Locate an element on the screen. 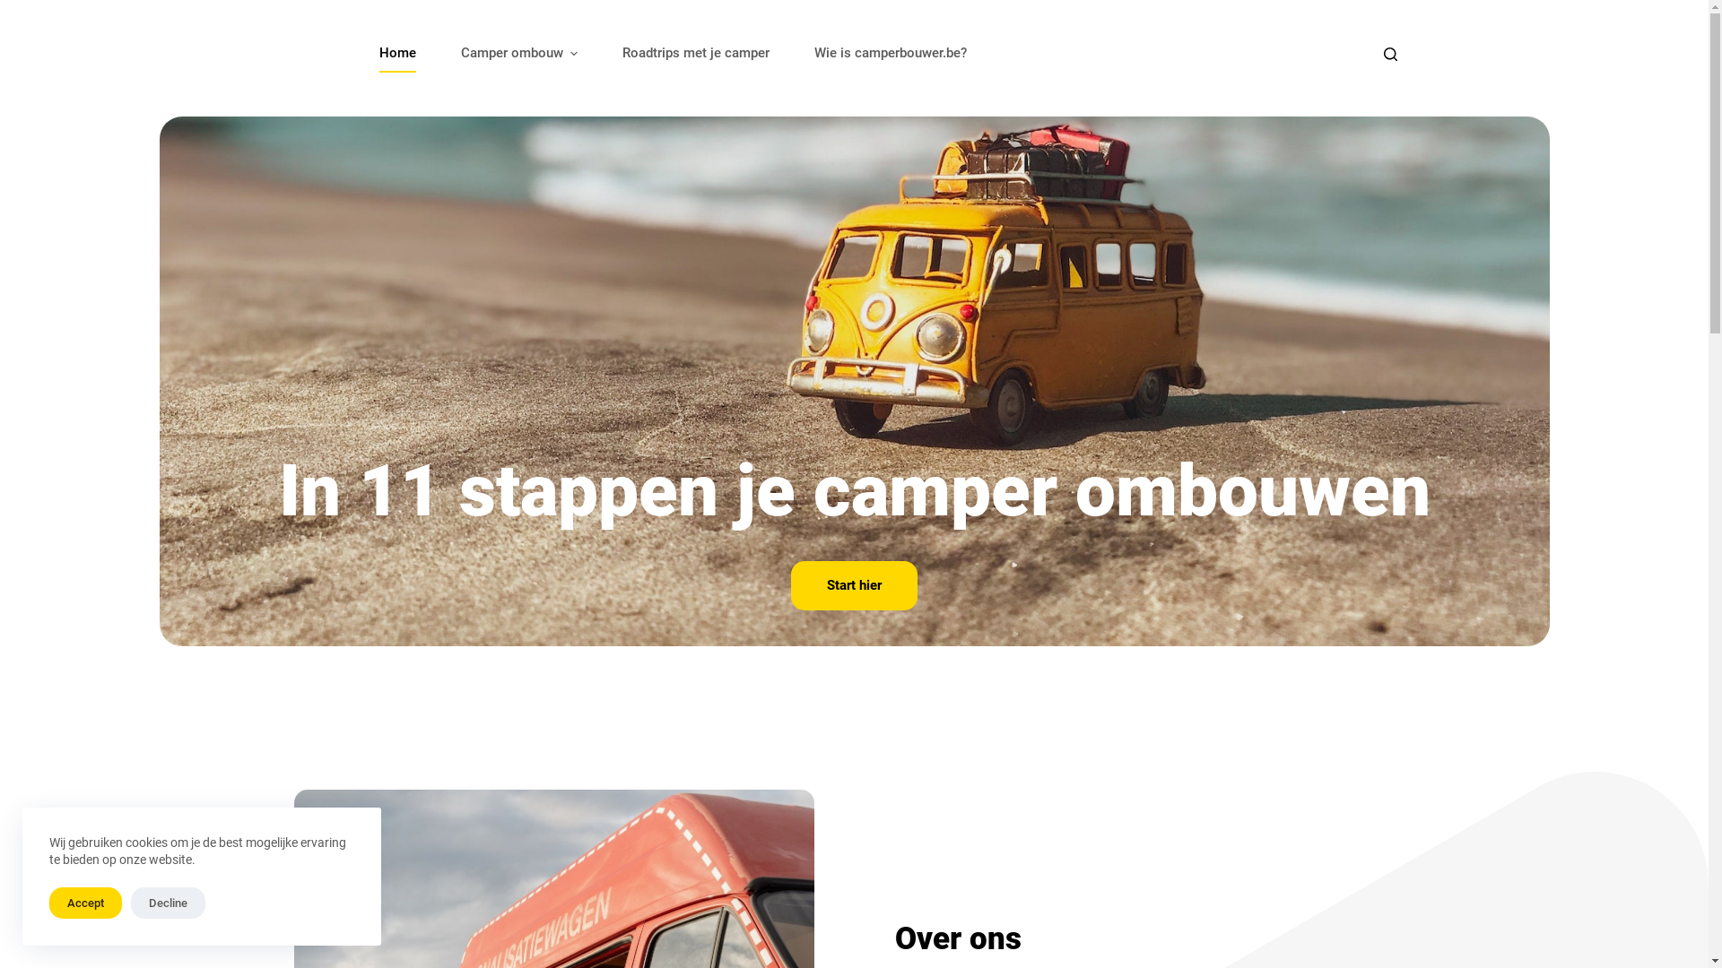  'Decline' is located at coordinates (129, 903).